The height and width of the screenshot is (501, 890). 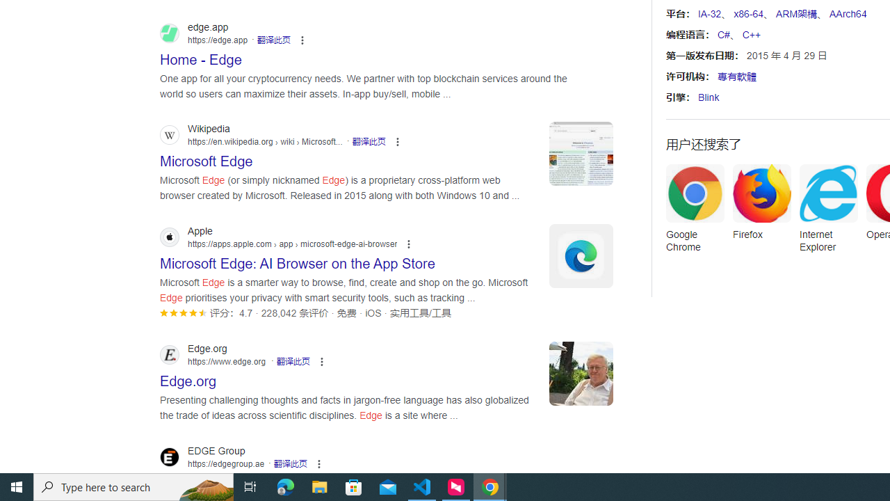 I want to click on 'Firefox', so click(x=761, y=207).